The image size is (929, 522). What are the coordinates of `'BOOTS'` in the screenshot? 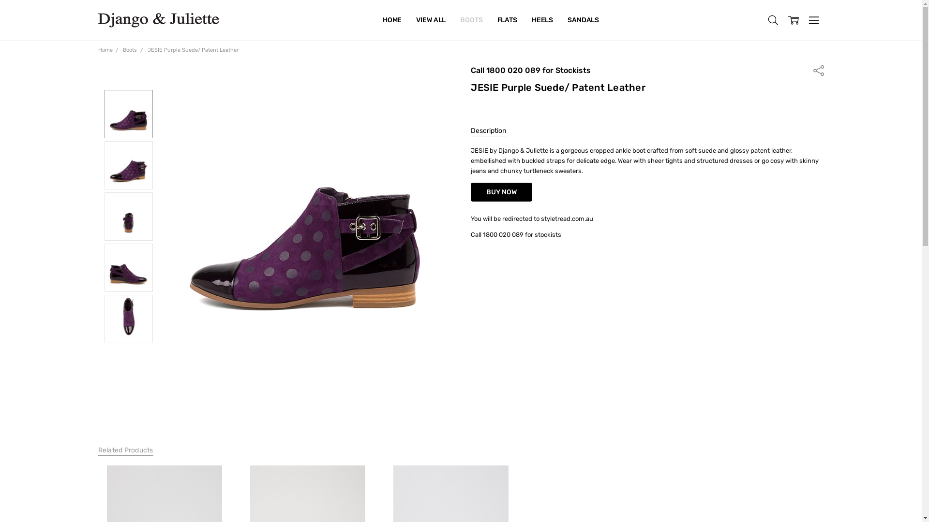 It's located at (471, 20).